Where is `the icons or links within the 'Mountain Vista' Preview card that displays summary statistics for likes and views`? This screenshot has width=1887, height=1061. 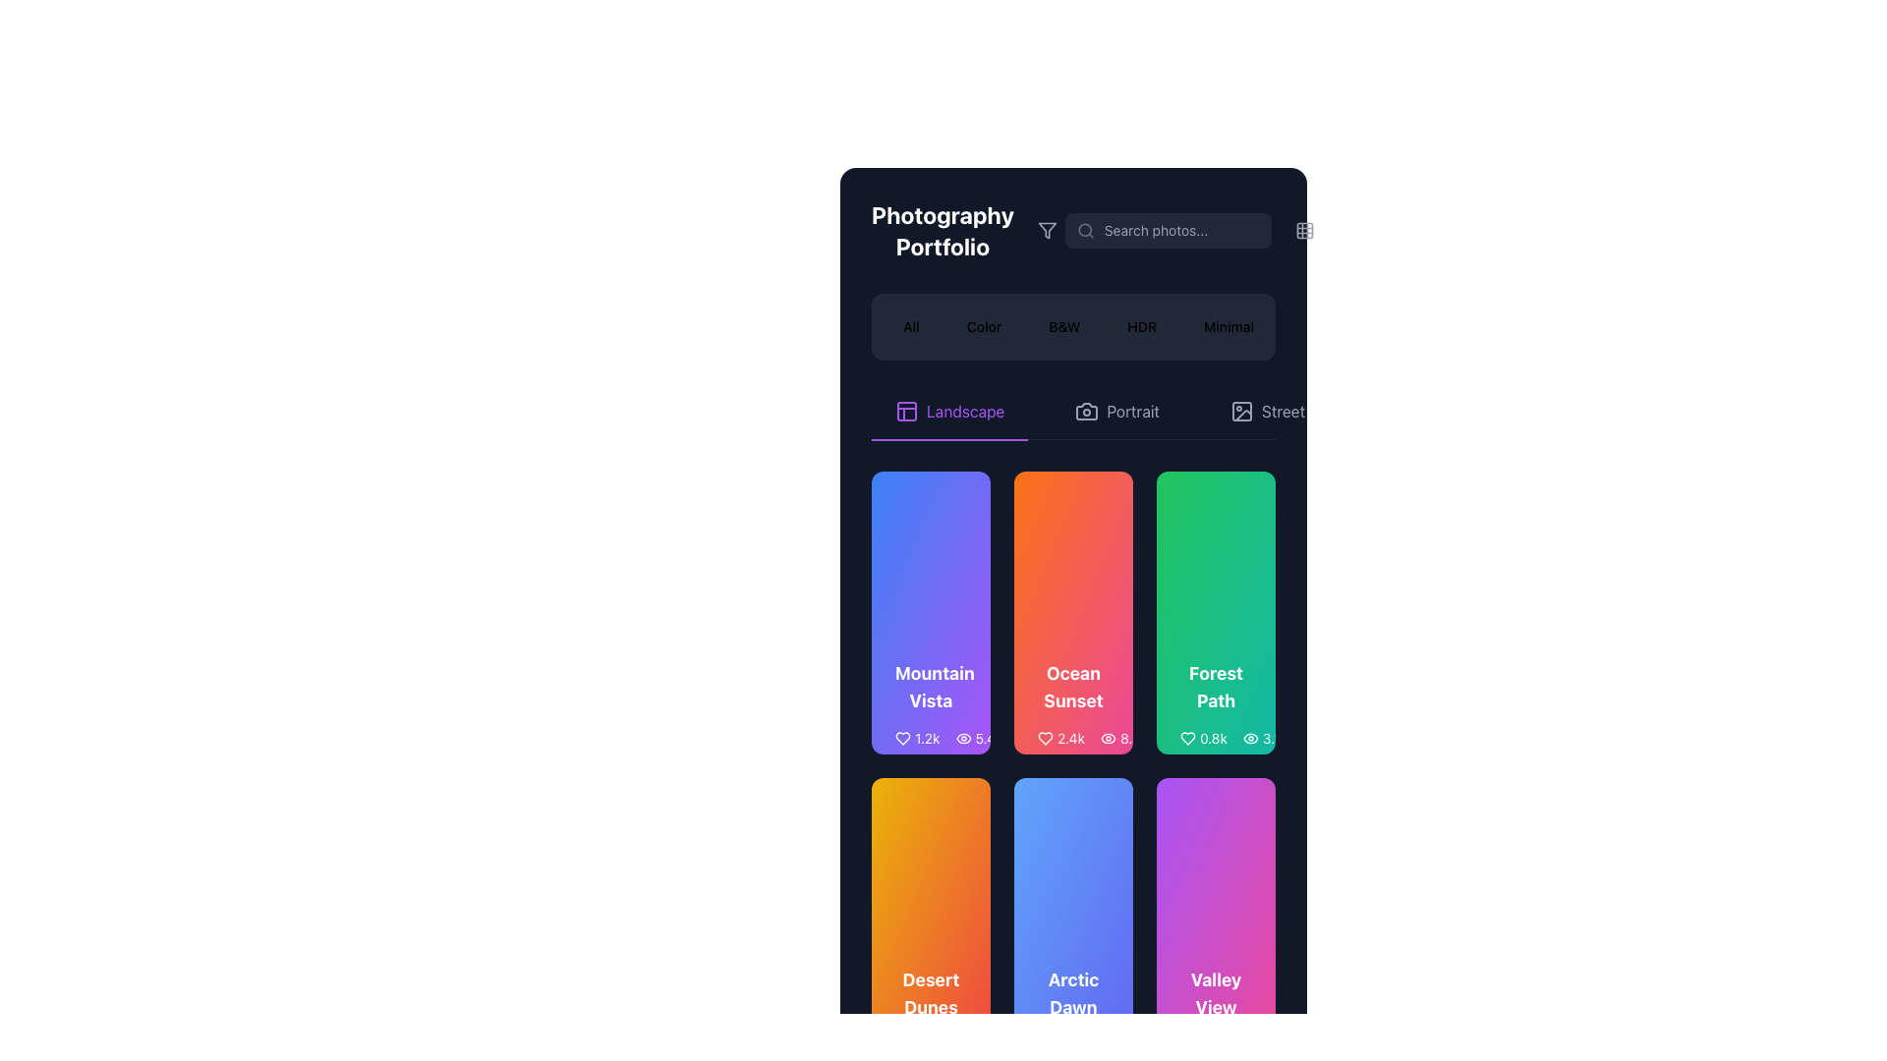
the icons or links within the 'Mountain Vista' Preview card that displays summary statistics for likes and views is located at coordinates (930, 707).